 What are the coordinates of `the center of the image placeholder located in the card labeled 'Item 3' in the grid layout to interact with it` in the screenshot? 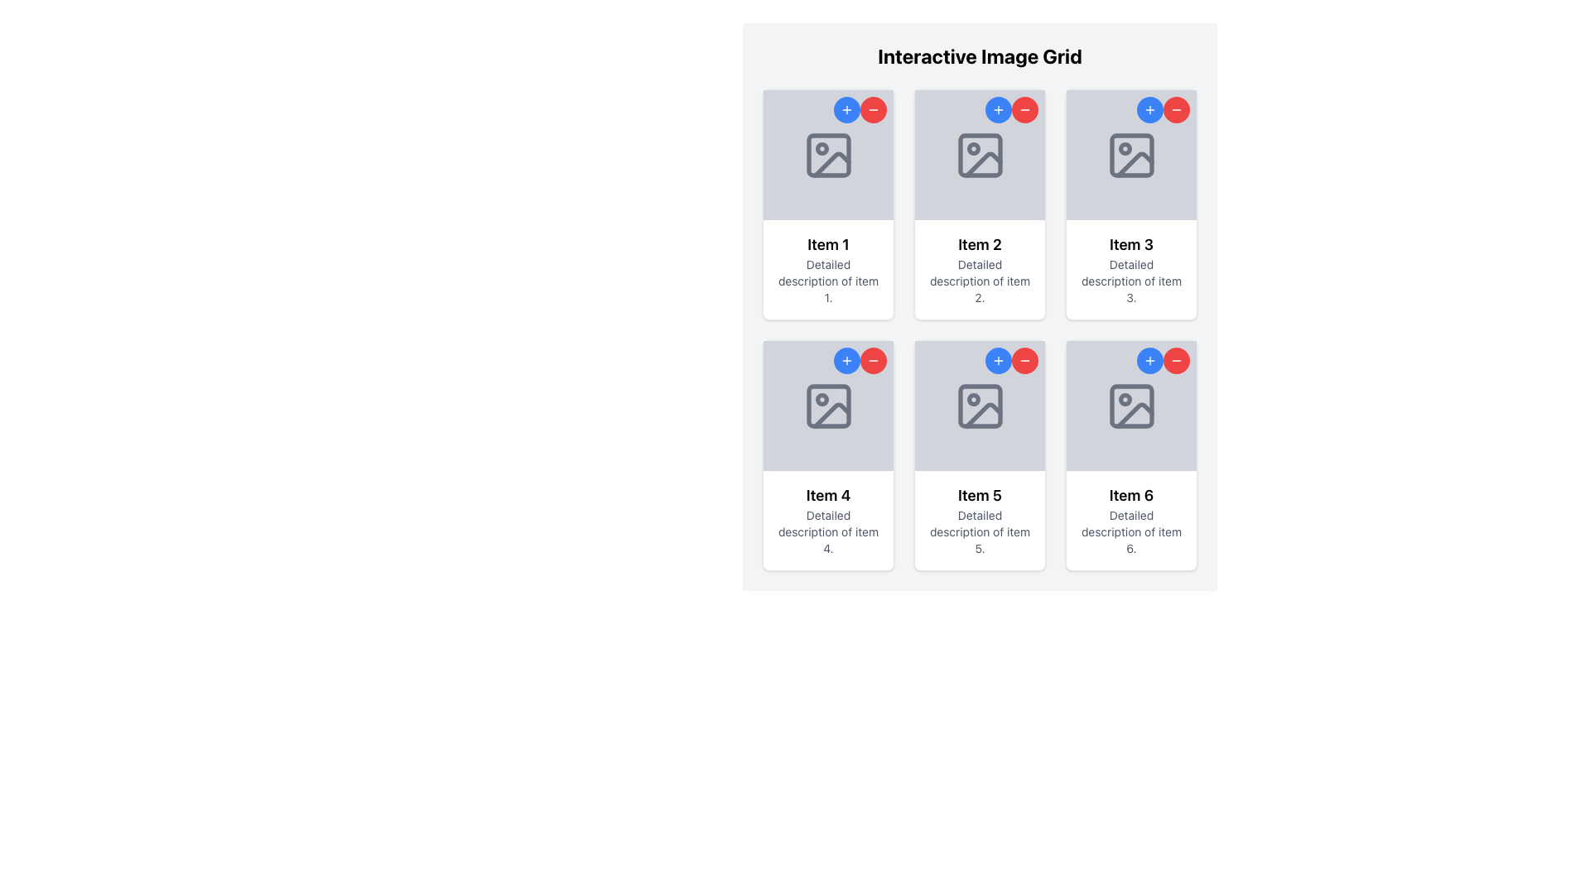 It's located at (1130, 155).